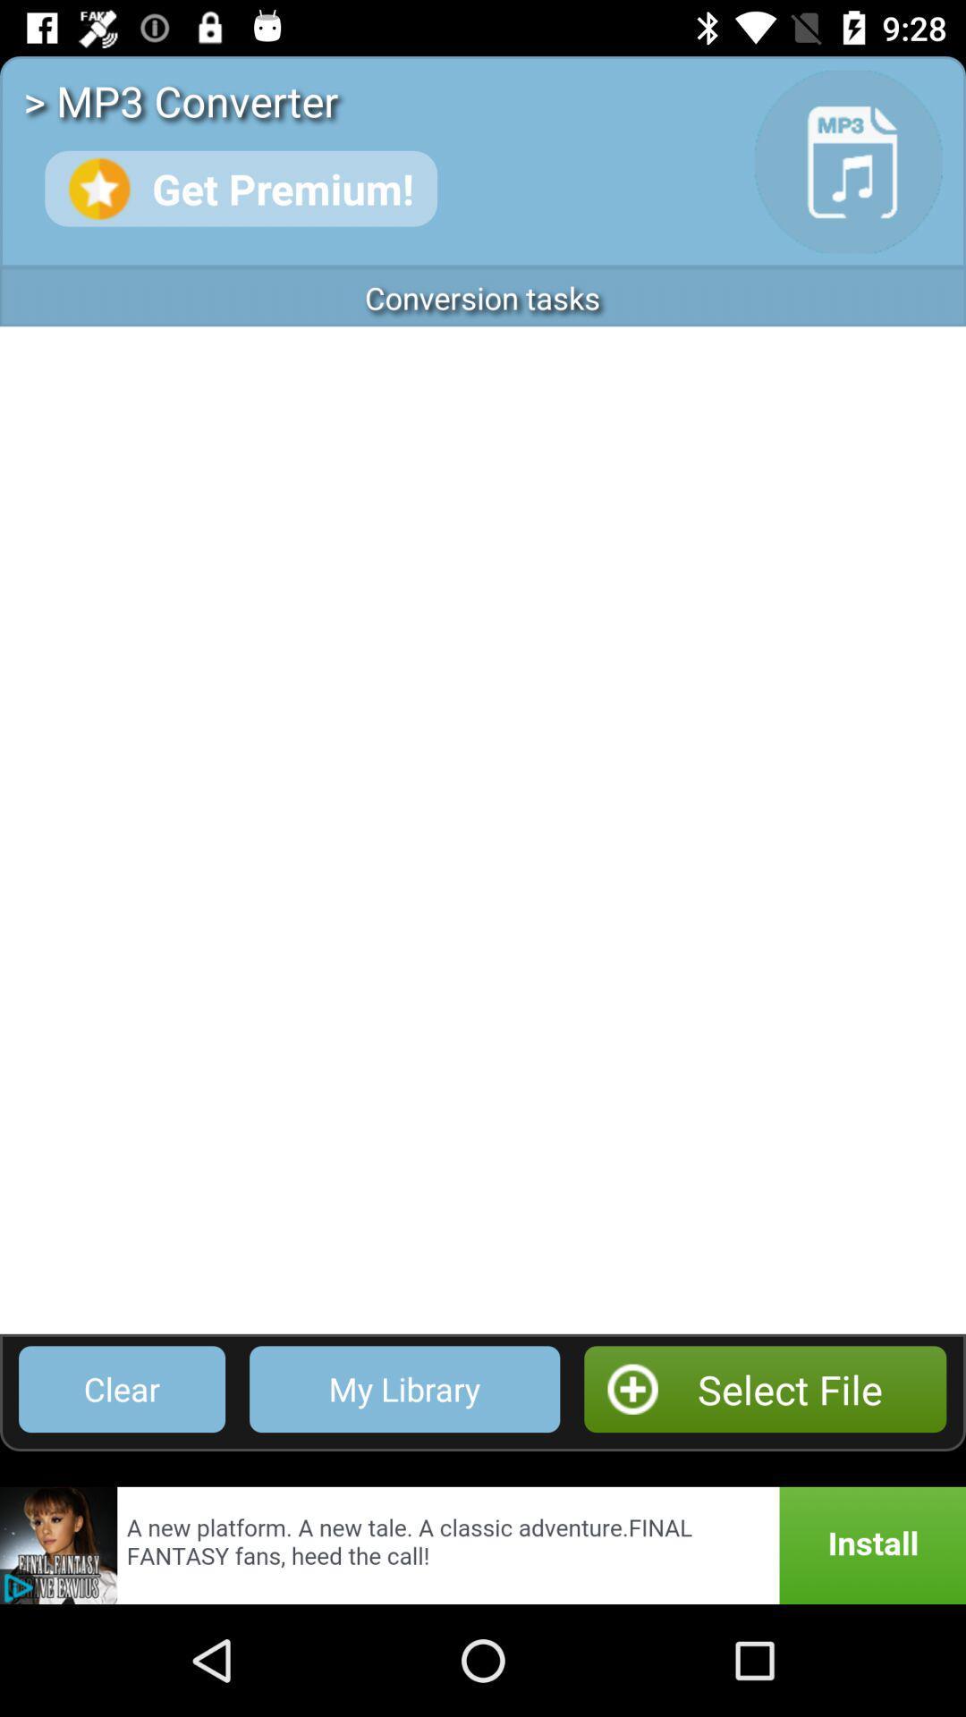  Describe the element at coordinates (765, 1388) in the screenshot. I see `select file` at that location.